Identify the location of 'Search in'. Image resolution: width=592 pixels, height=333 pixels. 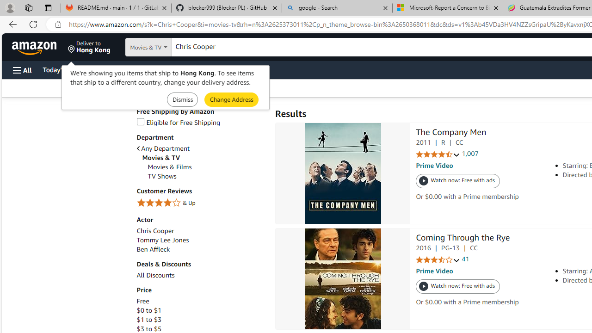
(172, 47).